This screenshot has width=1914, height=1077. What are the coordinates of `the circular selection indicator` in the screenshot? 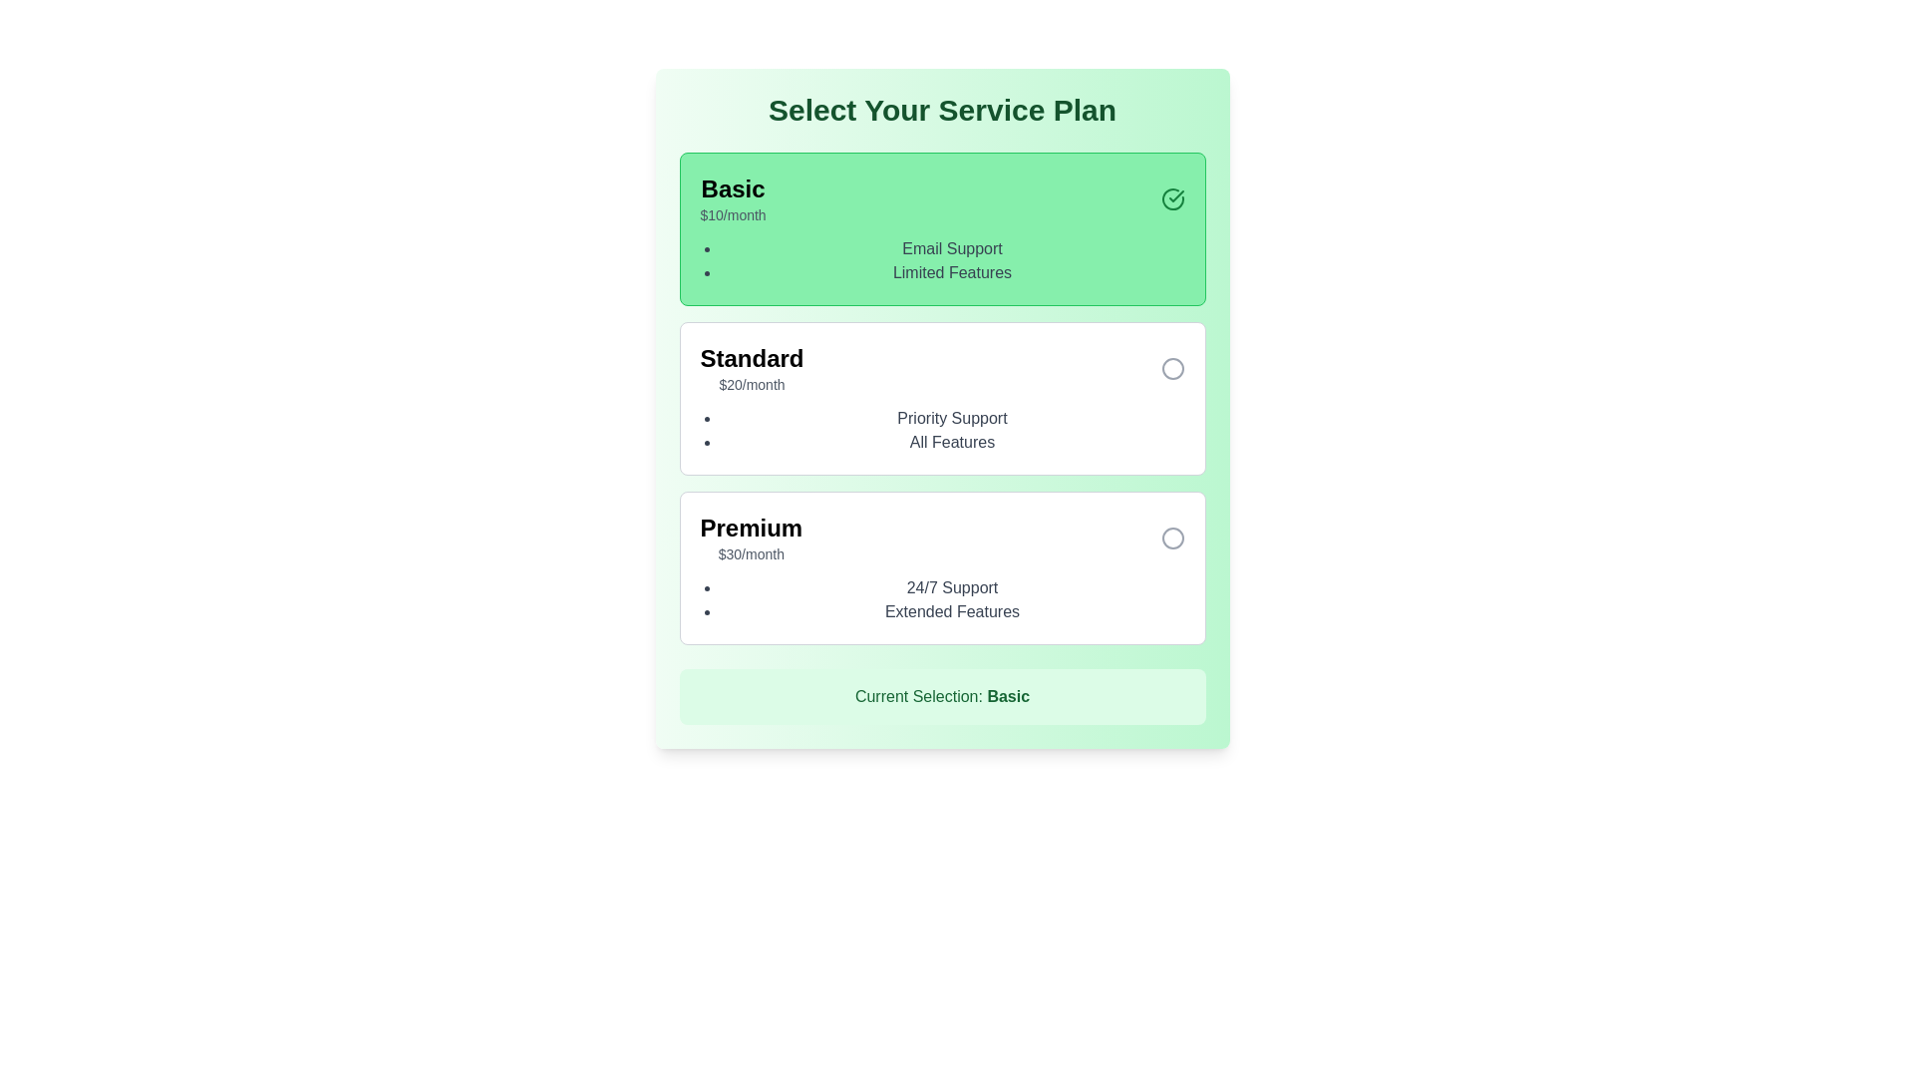 It's located at (1172, 538).